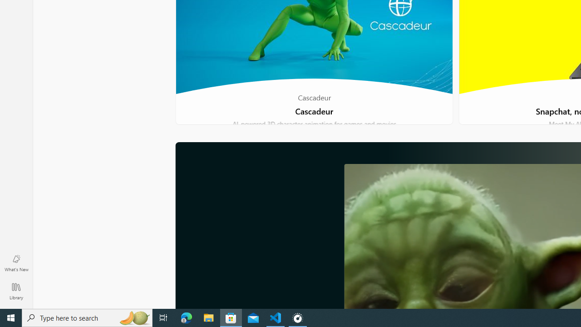 The height and width of the screenshot is (327, 581). I want to click on 'What', so click(16, 263).